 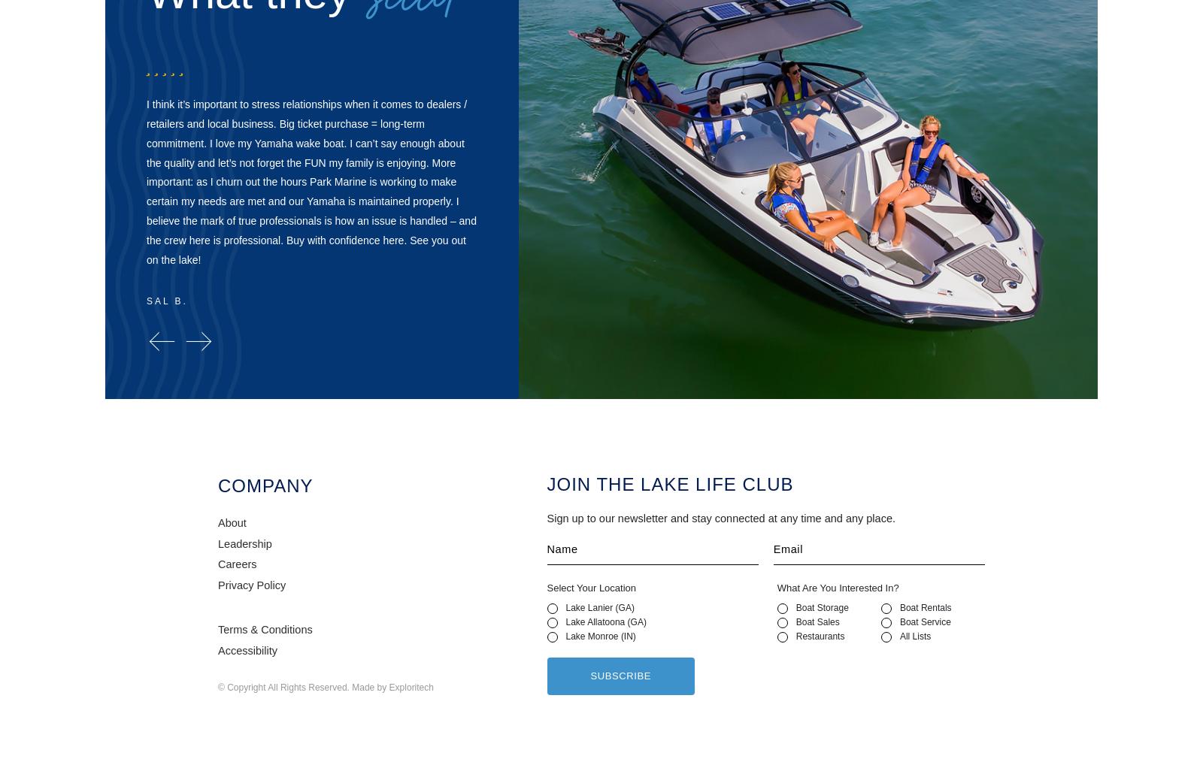 What do you see at coordinates (217, 543) in the screenshot?
I see `'Leadership'` at bounding box center [217, 543].